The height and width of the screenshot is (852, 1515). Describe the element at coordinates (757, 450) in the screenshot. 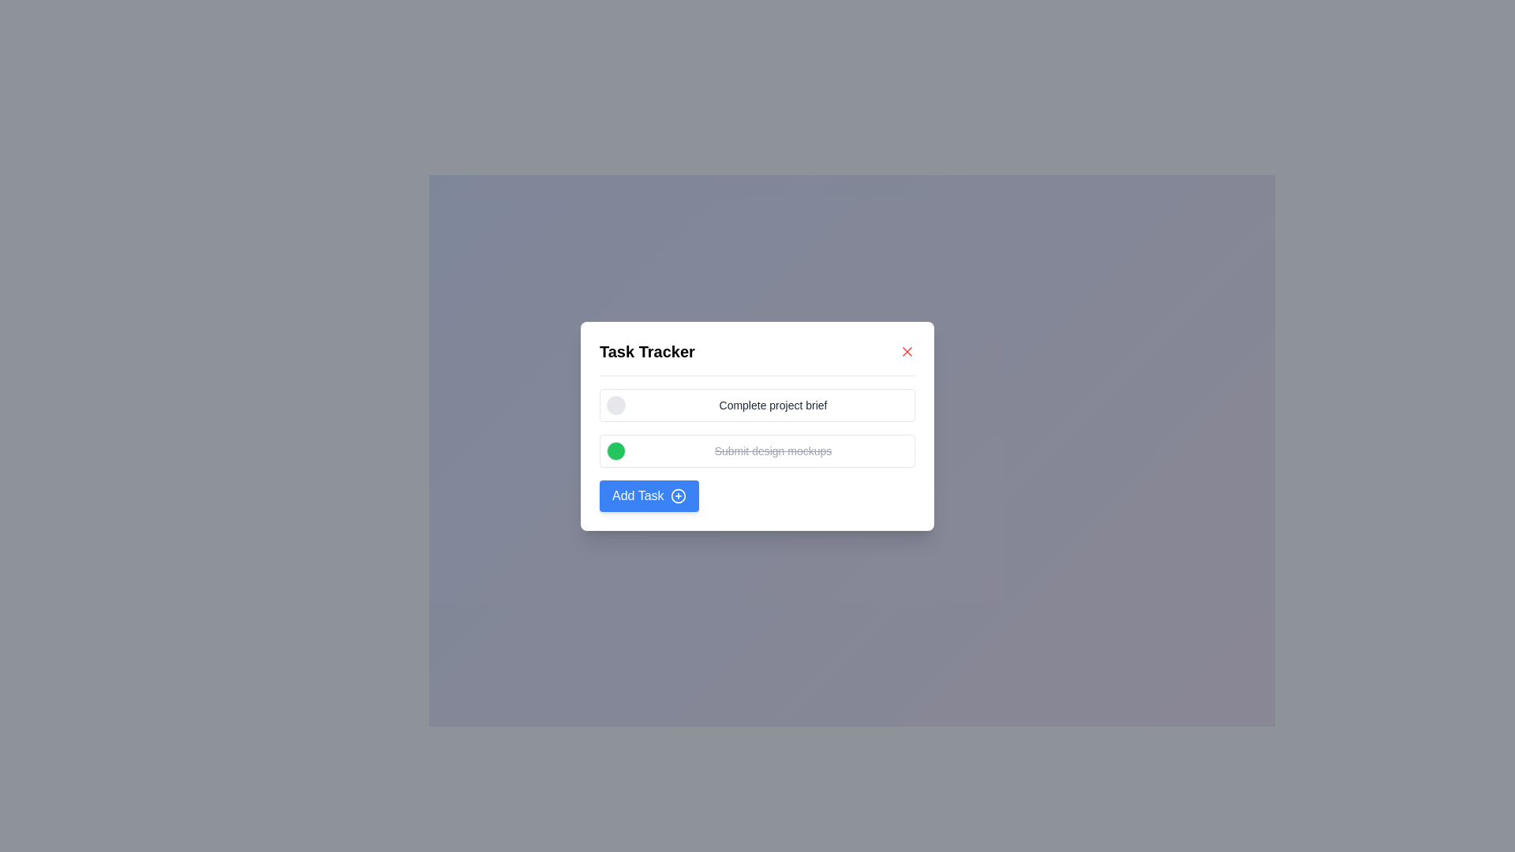

I see `the task list item labeled 'Submit design mockups' with a green circle icon, indicating its completed state, to show options` at that location.